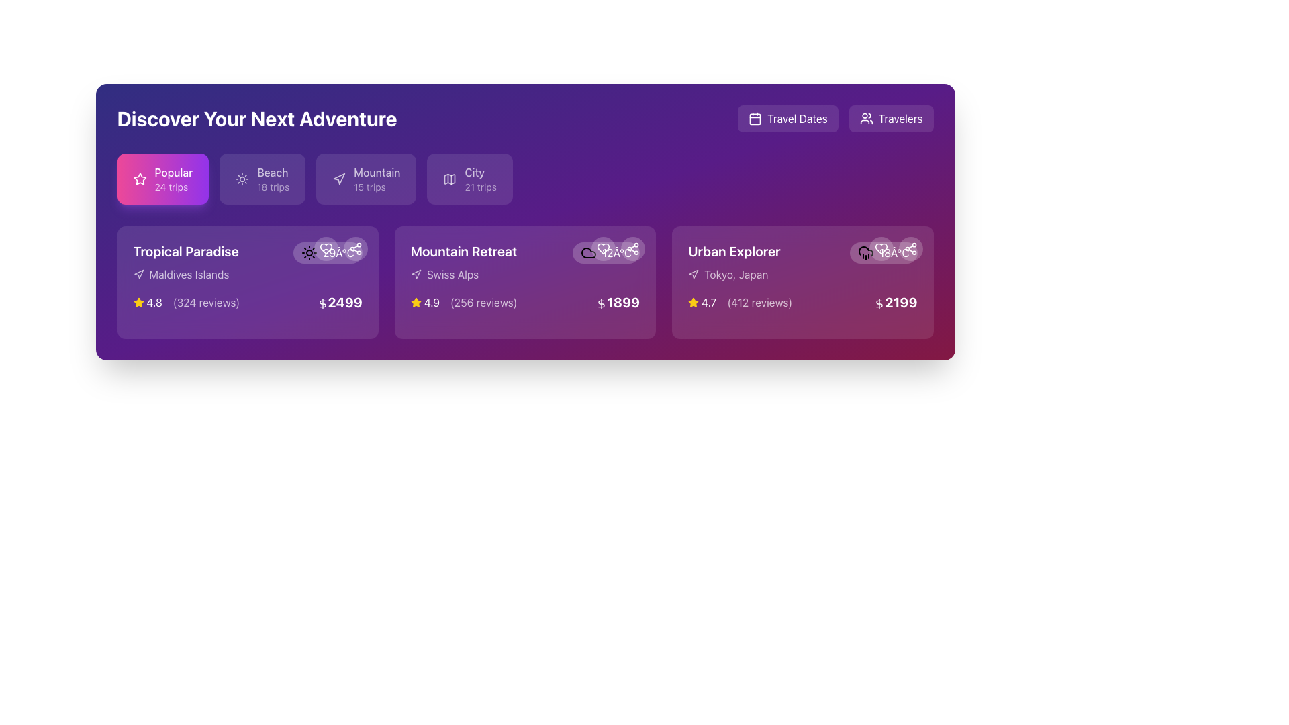 The height and width of the screenshot is (725, 1289). Describe the element at coordinates (896, 248) in the screenshot. I see `the heart icon located in the top-right corner of the 'Urban Explorer' card to like it` at that location.